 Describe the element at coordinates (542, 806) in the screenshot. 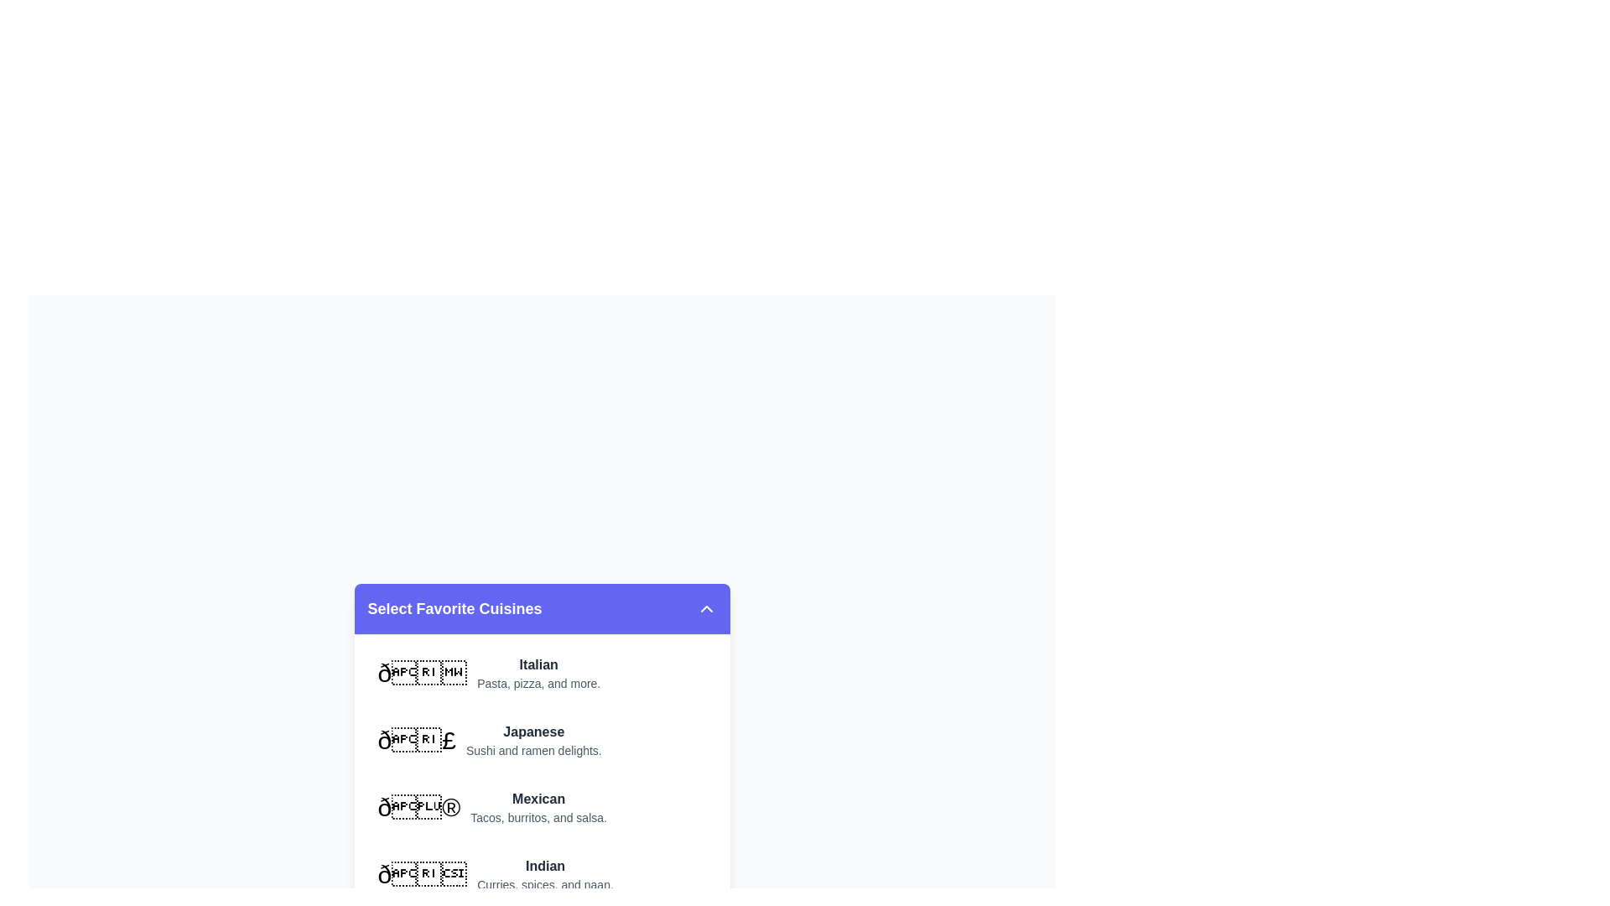

I see `the third list item representing 'Mexican' cuisine` at that location.